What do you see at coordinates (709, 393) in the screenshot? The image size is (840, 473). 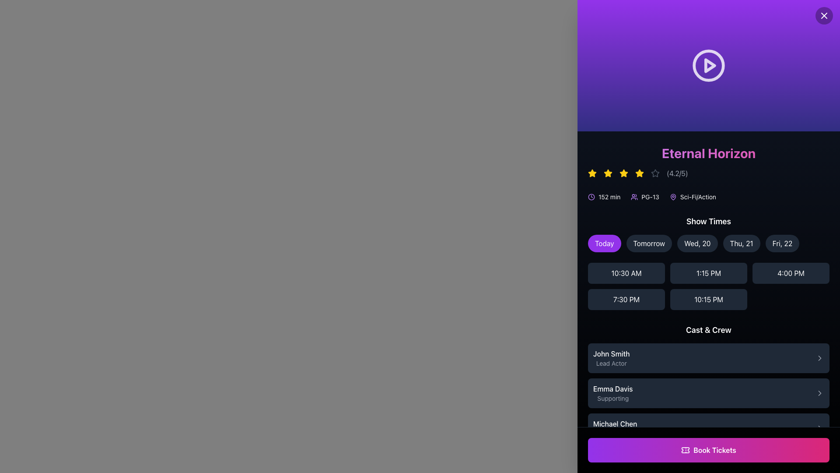 I see `the Interactive List Item that displays 'Emma Davis' as 'Supporting', located in the 'Cast & Crew' list, positioned centrally below 'John Smith | Lead Actor'` at bounding box center [709, 393].